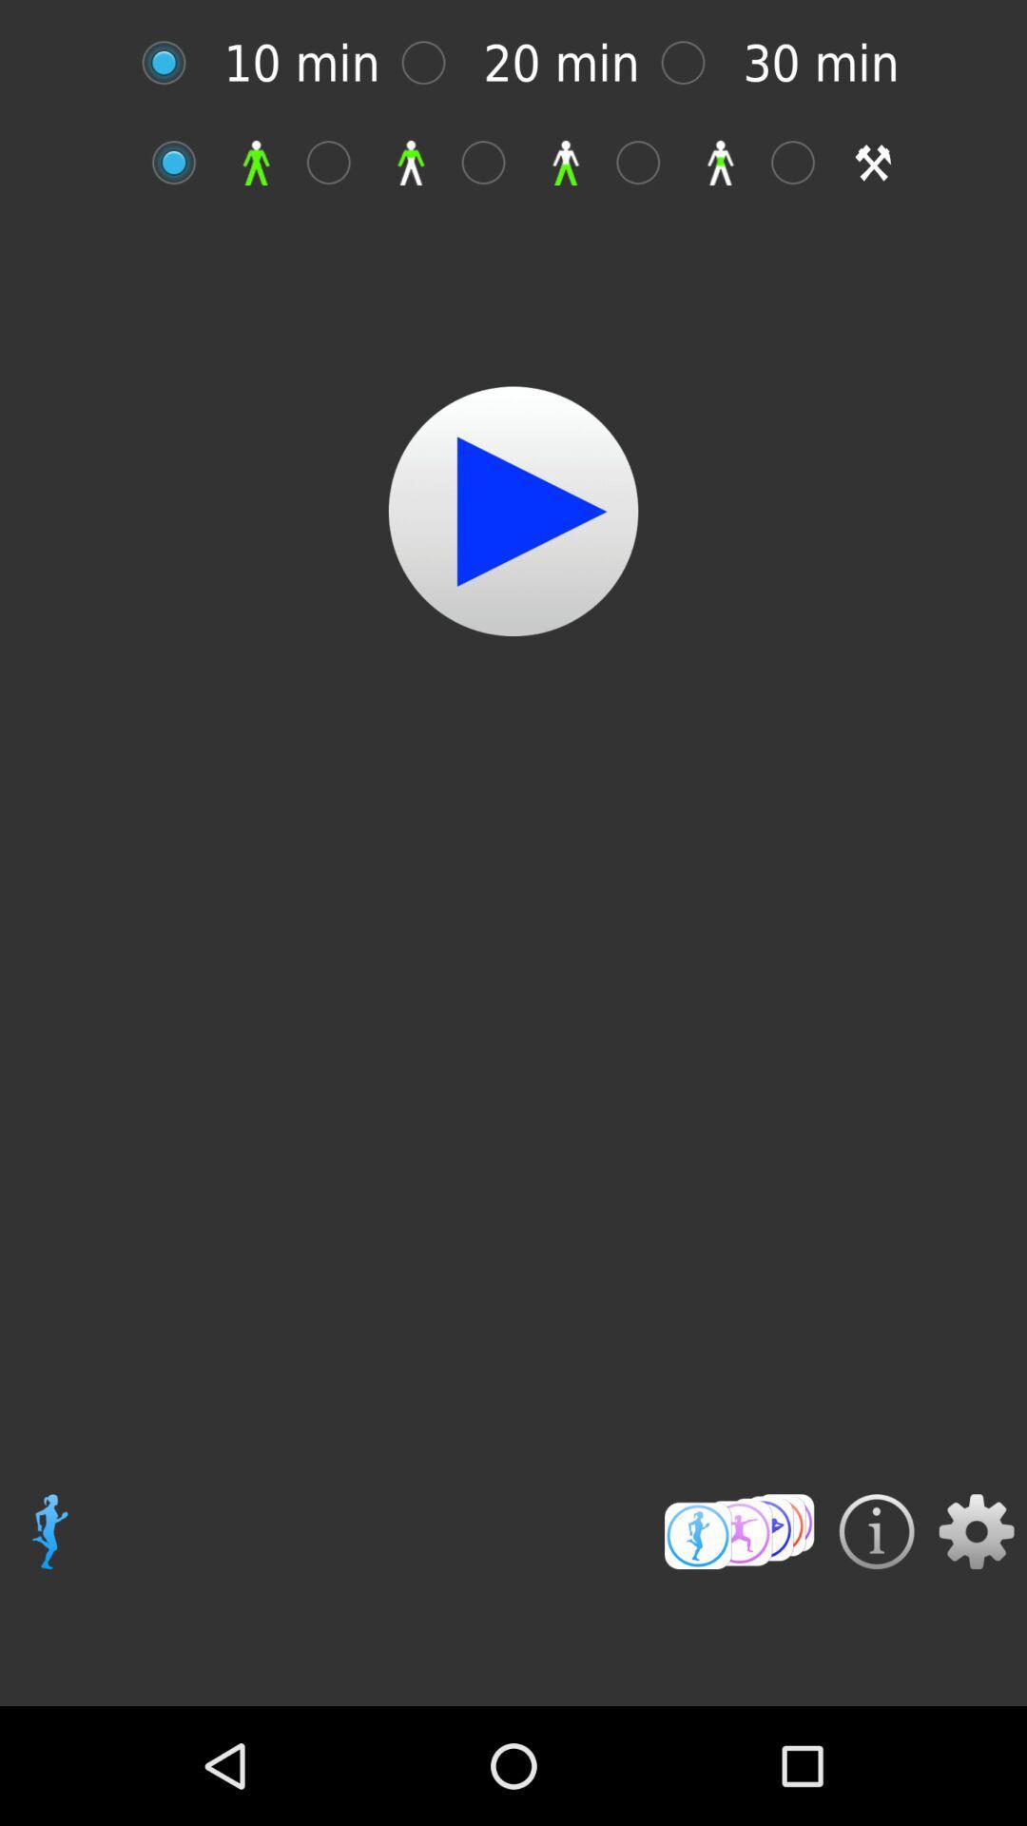 Image resolution: width=1027 pixels, height=1826 pixels. Describe the element at coordinates (693, 63) in the screenshot. I see `option button` at that location.